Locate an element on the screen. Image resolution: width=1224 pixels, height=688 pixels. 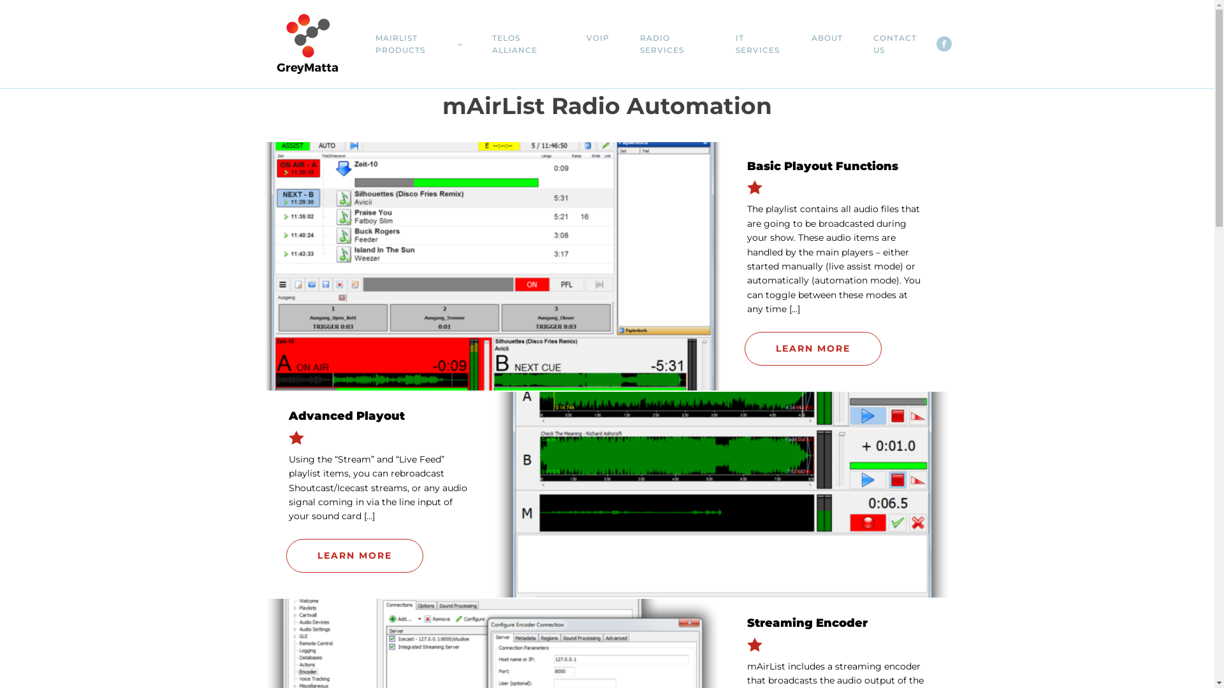
'RADIO SERVICES' is located at coordinates (671, 43).